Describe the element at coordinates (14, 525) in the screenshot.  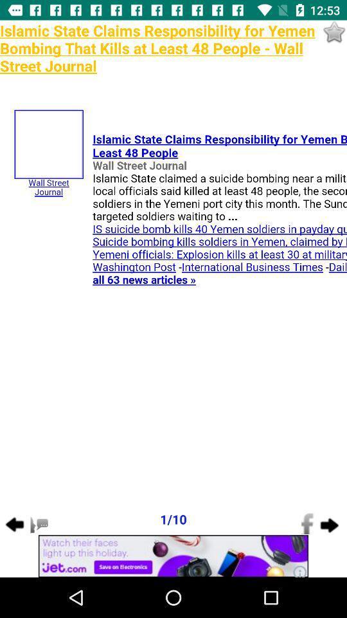
I see `the arrow_backward icon` at that location.